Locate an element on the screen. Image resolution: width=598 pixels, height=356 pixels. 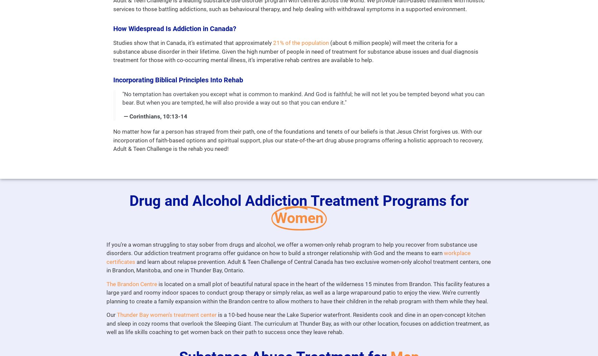
'is a 10-bed house near the Lake Superior waterfront. Residents cook and dine in an open-concept kitchen and sleep in cozy rooms that overlook the Sleeping Giant. The curriculum at Thunder Bay, as with our other location, focuses on addiction treatment, as well as life skills coaching to get women back on their path to success once they leave rehab.' is located at coordinates (297, 323).